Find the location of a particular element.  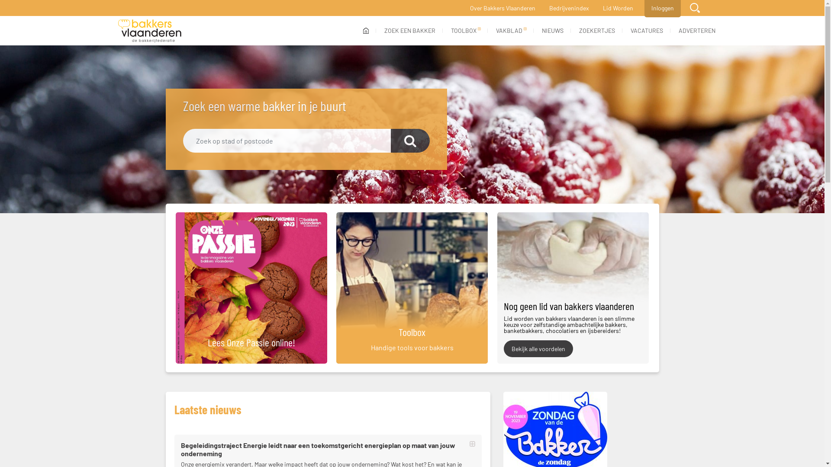

'Lid Worden' is located at coordinates (617, 8).